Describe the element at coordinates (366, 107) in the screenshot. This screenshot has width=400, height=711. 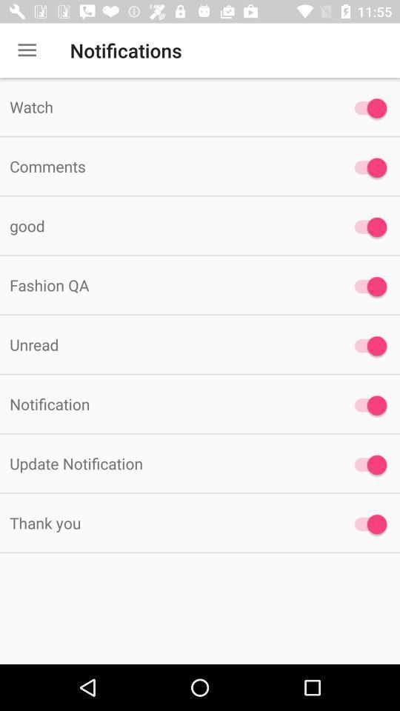
I see `watch option` at that location.